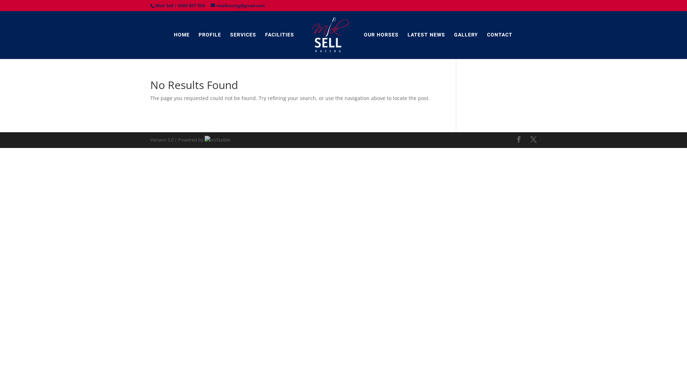 The width and height of the screenshot is (687, 386). I want to click on 'GALLERY', so click(466, 35).